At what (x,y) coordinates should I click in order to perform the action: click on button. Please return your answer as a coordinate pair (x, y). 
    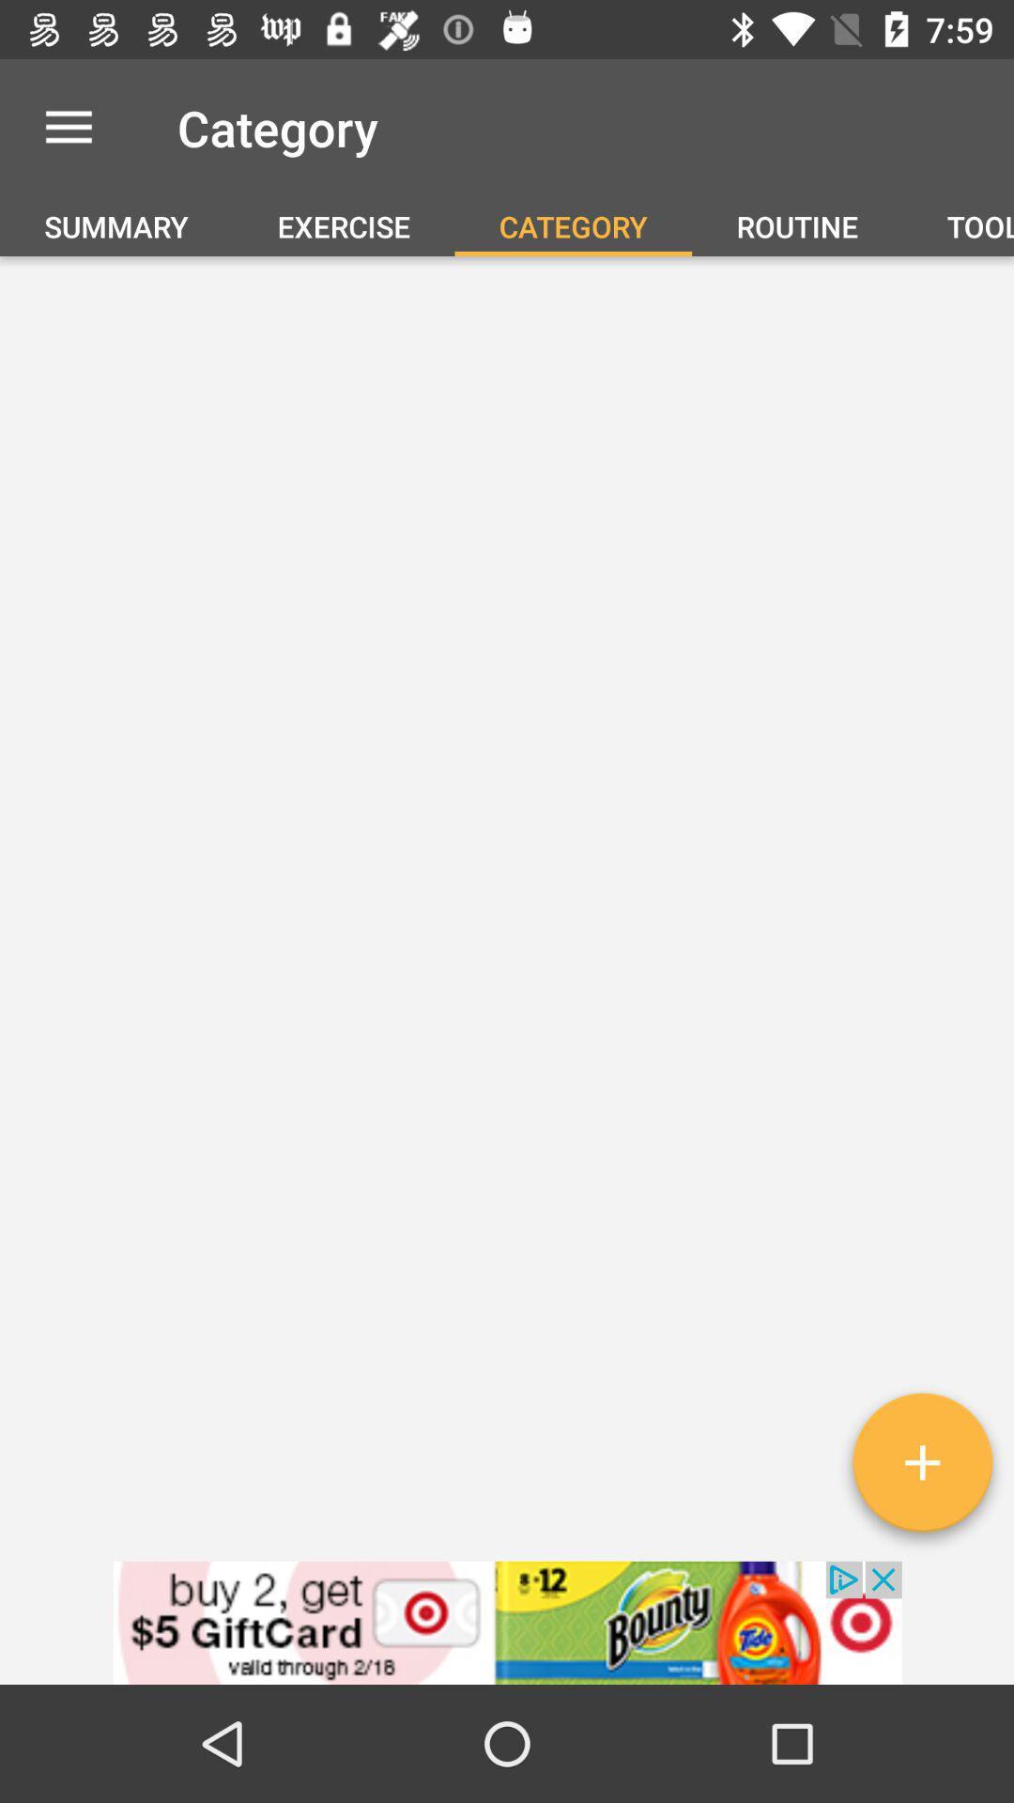
    Looking at the image, I should click on (921, 1469).